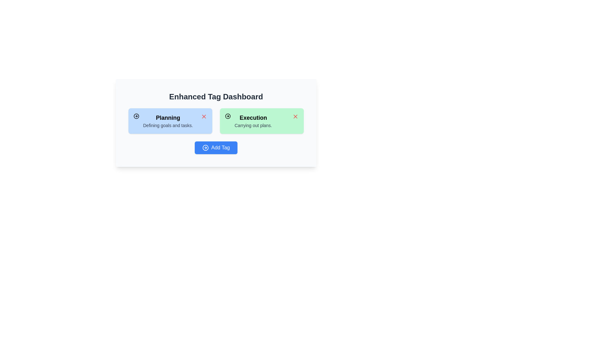 The image size is (612, 344). Describe the element at coordinates (168, 121) in the screenshot. I see `the Label element that displays 'Planning' with the description 'Defining goals and tasks.' in a card-like section on the left side of the two-panel layout` at that location.